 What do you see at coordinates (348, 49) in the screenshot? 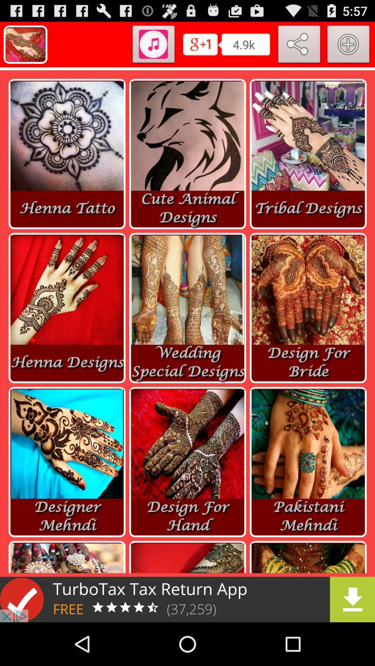
I see `the add icon` at bounding box center [348, 49].